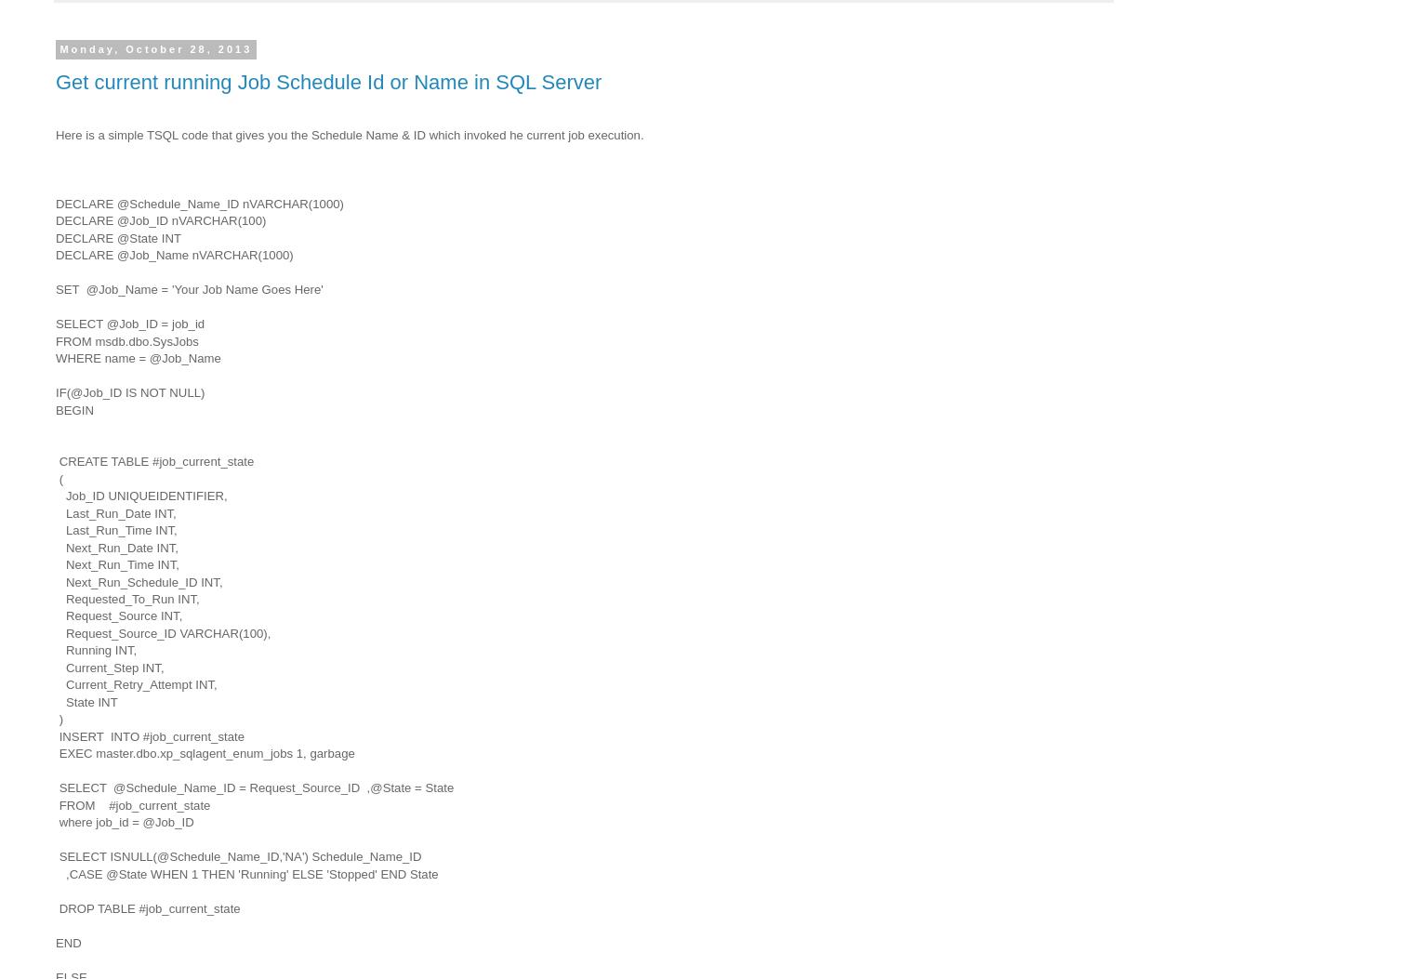  What do you see at coordinates (109, 855) in the screenshot?
I see `'ISNULL(@Schedule_Name_ID,'NA') Schedule_Name_ID'` at bounding box center [109, 855].